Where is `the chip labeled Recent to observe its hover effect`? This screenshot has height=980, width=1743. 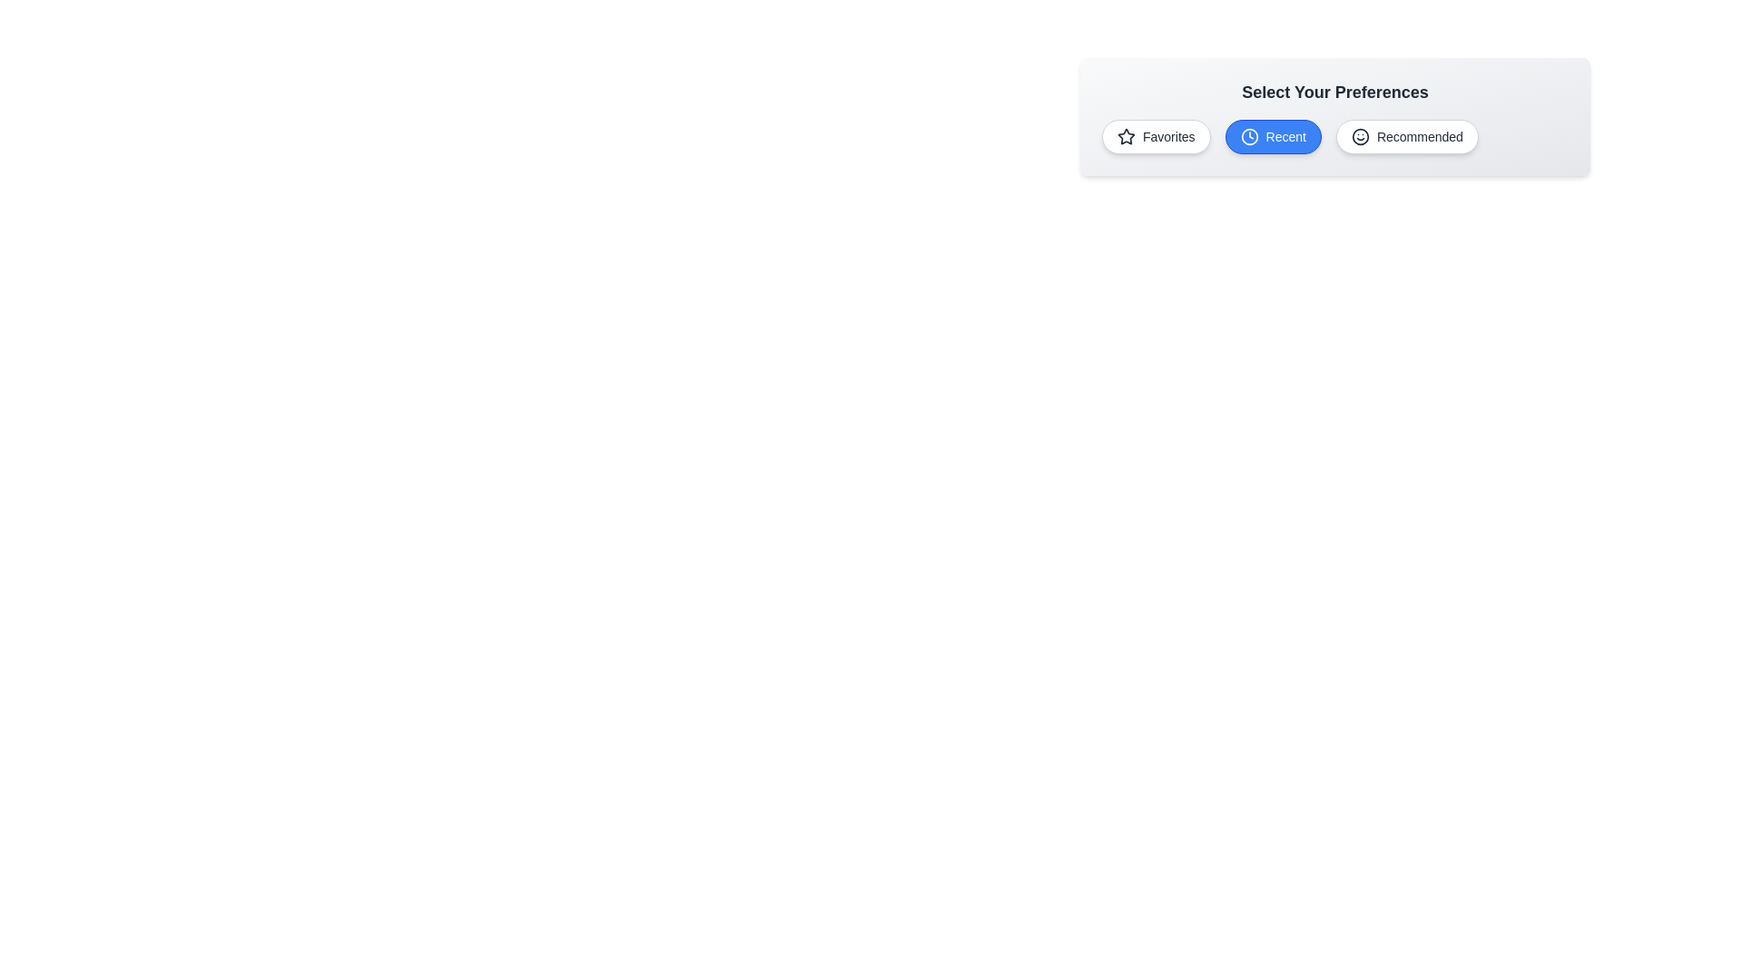
the chip labeled Recent to observe its hover effect is located at coordinates (1272, 135).